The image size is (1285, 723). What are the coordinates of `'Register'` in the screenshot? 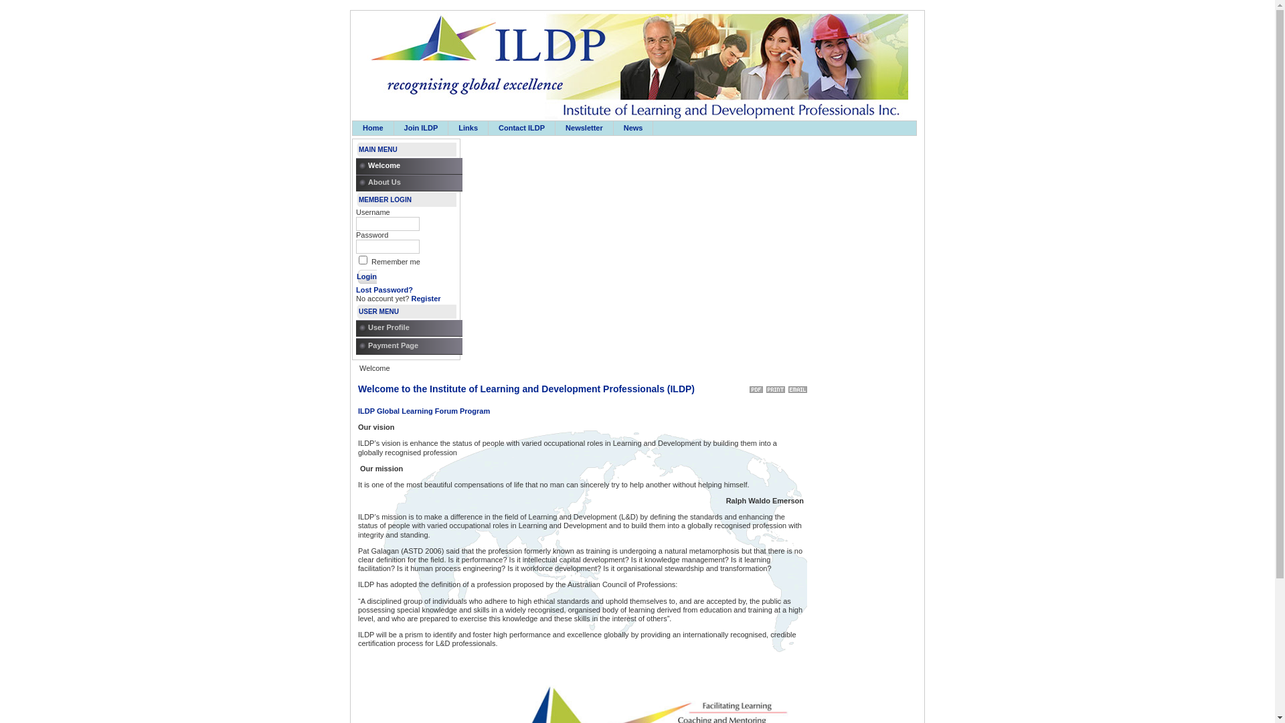 It's located at (426, 298).